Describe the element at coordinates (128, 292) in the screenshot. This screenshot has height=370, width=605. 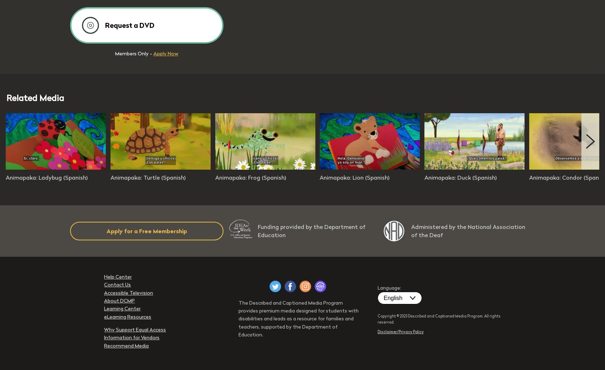
I see `'Accessible Television'` at that location.